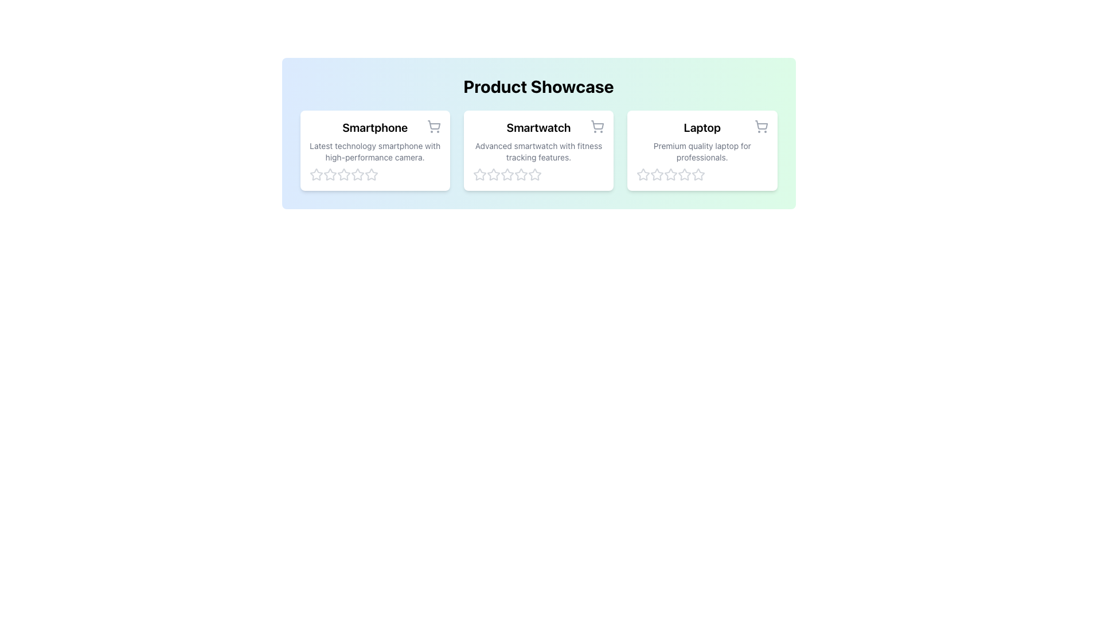 This screenshot has height=619, width=1101. What do you see at coordinates (343, 174) in the screenshot?
I see `keyboard navigation` at bounding box center [343, 174].